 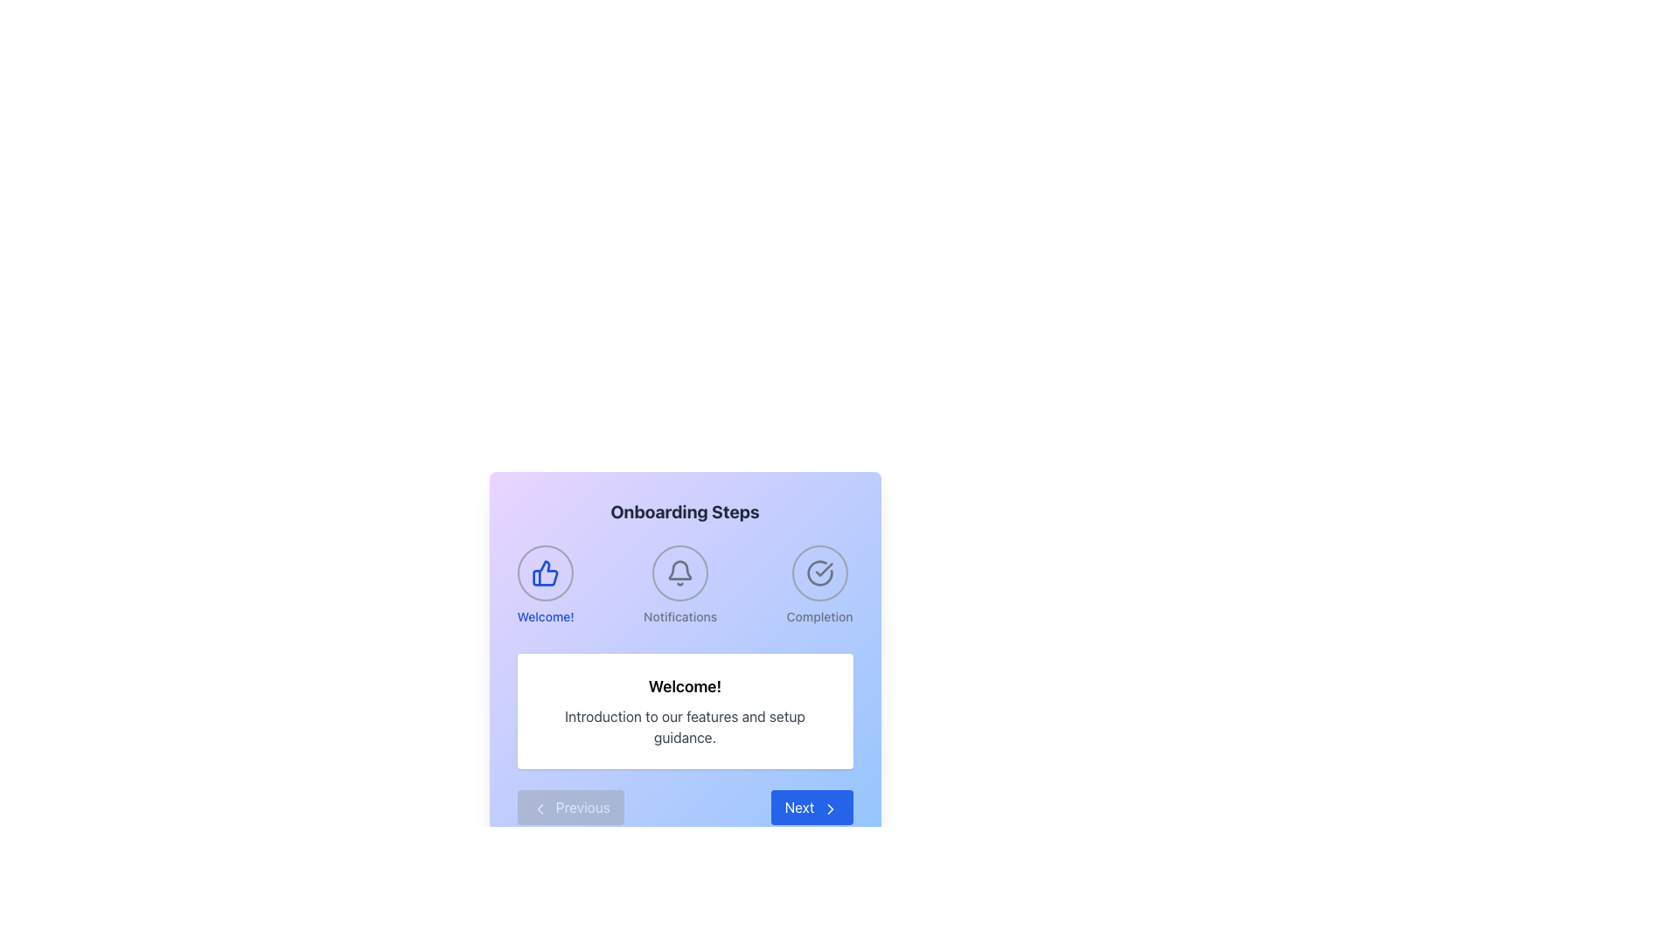 I want to click on the thumbs-up icon section of the illustrative graphic located in the blue-themed onboarding step card labeled 'Welcome!', so click(x=545, y=573).